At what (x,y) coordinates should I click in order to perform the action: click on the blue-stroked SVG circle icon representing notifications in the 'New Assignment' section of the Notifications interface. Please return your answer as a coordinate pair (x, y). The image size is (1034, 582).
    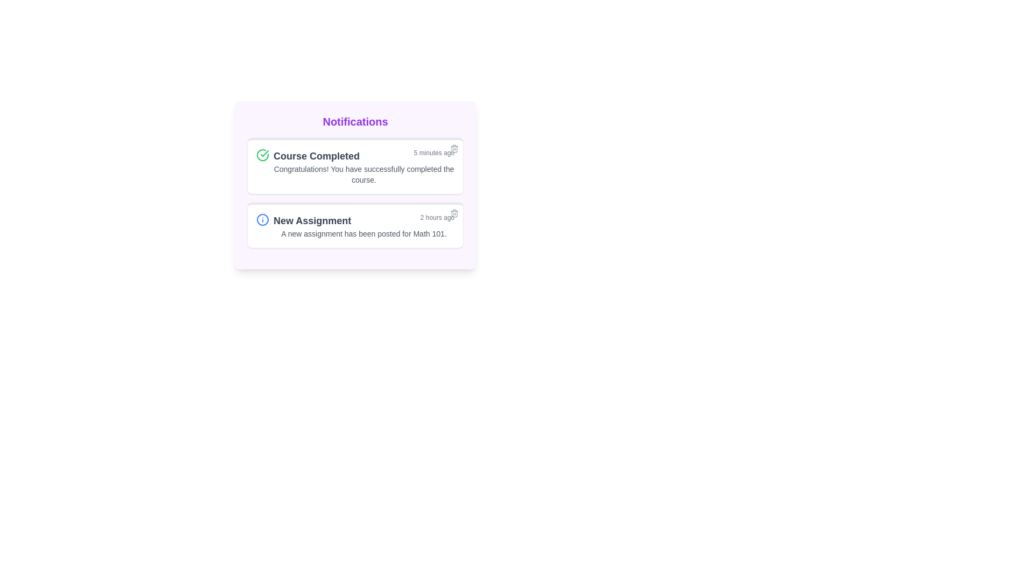
    Looking at the image, I should click on (263, 219).